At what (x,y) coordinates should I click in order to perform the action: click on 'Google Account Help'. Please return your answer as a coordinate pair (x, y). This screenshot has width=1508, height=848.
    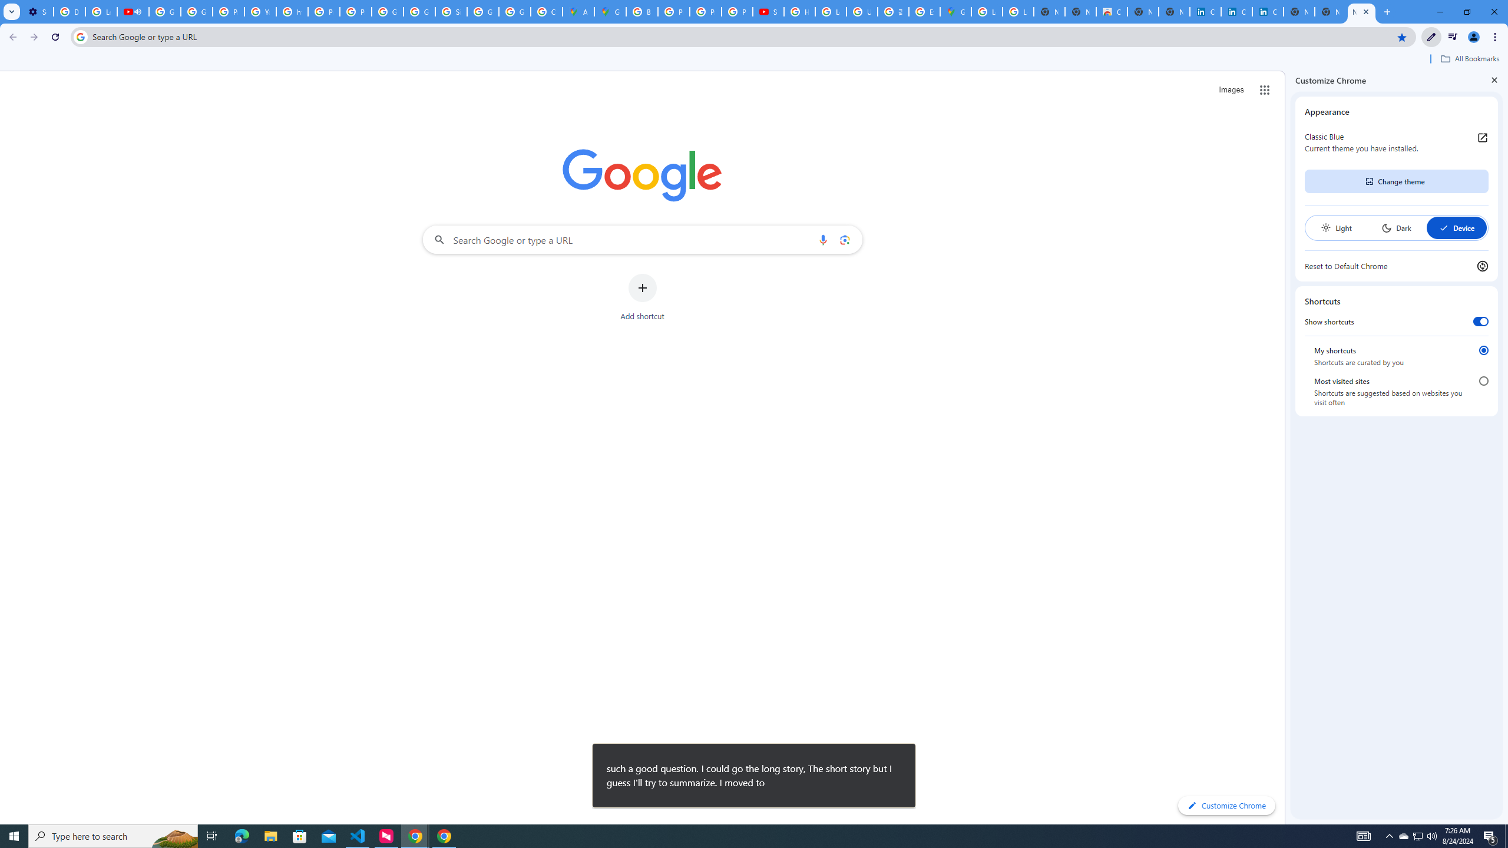
    Looking at the image, I should click on (197, 11).